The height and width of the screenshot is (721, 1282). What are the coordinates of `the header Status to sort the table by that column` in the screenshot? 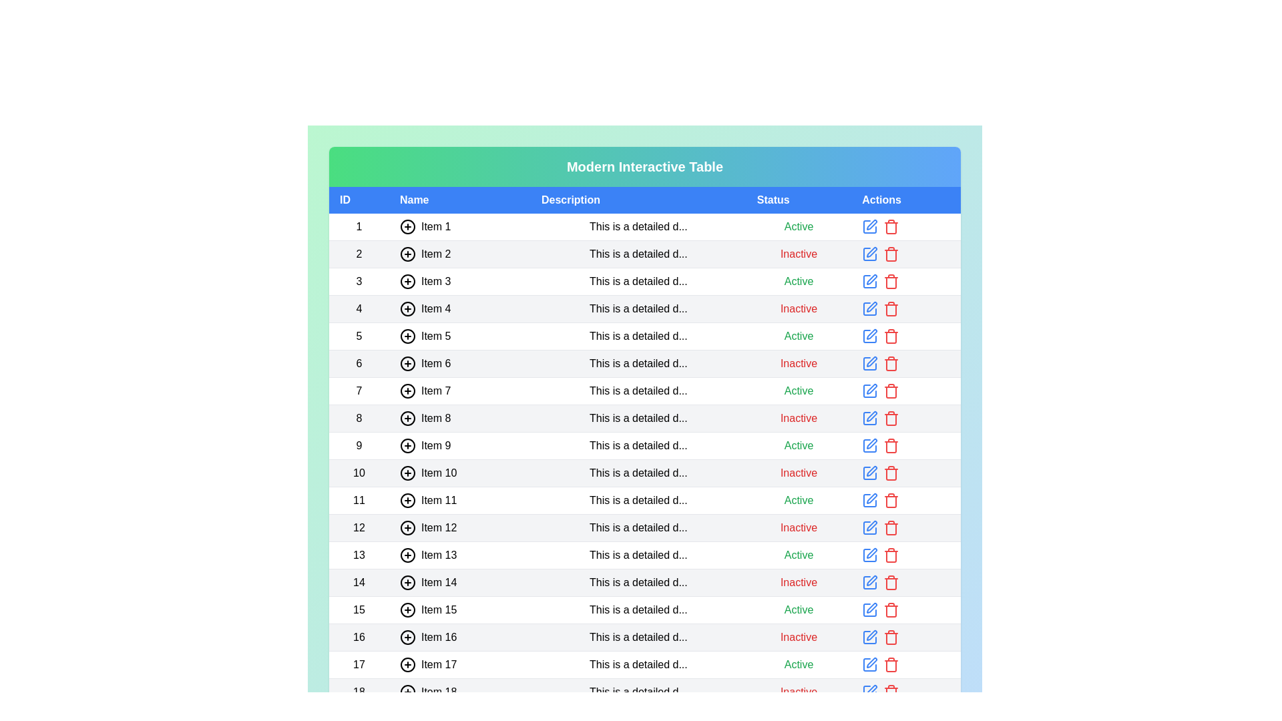 It's located at (799, 200).